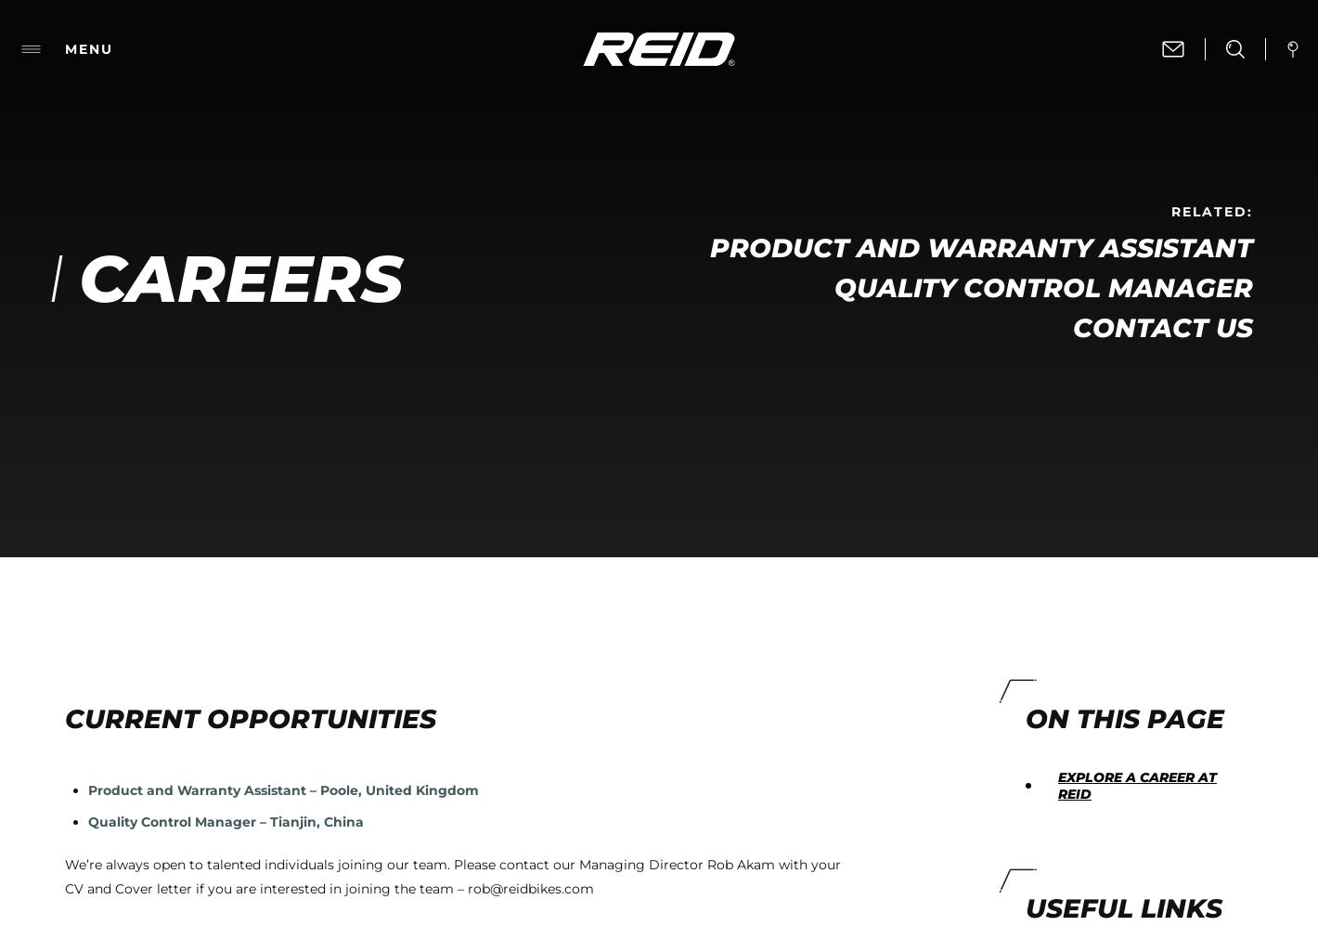 This screenshot has height=952, width=1318. Describe the element at coordinates (730, 137) in the screenshot. I see `'Facebook'` at that location.